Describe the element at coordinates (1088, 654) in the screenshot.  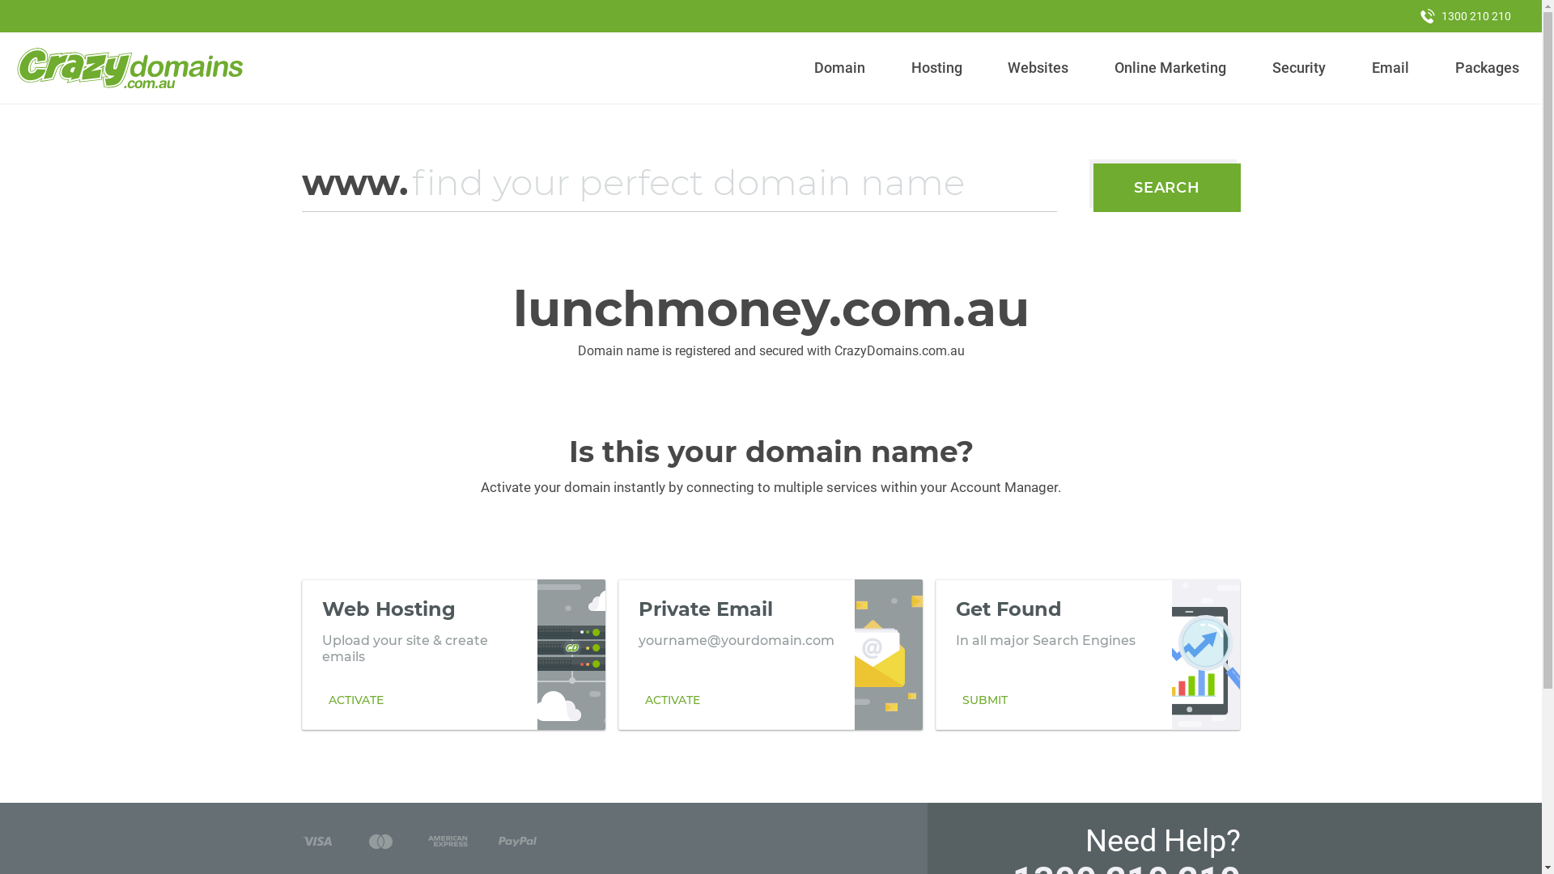
I see `'Get Found` at that location.